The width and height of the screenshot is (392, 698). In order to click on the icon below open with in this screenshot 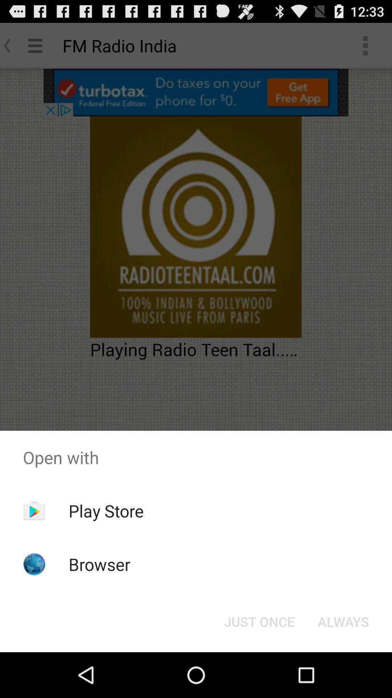, I will do `click(259, 621)`.